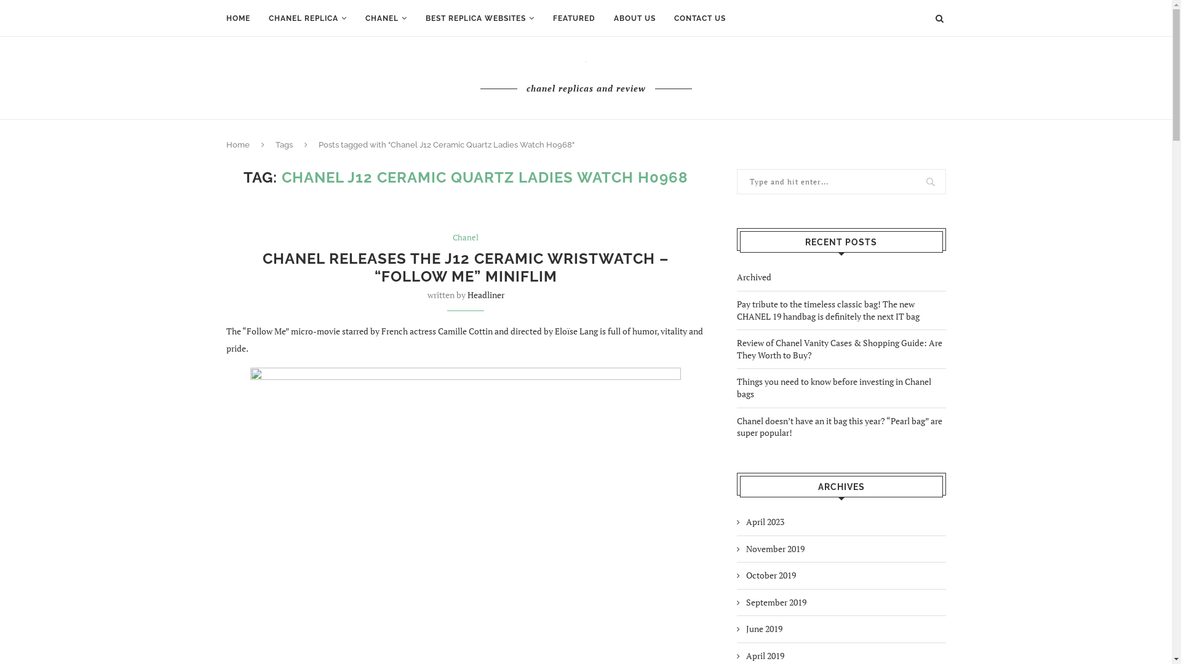  I want to click on 'Home', so click(238, 144).